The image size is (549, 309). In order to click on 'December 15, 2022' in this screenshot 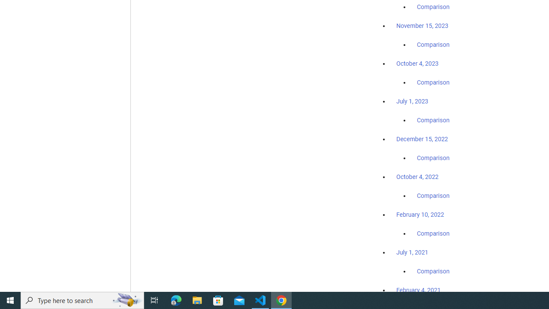, I will do `click(422, 139)`.